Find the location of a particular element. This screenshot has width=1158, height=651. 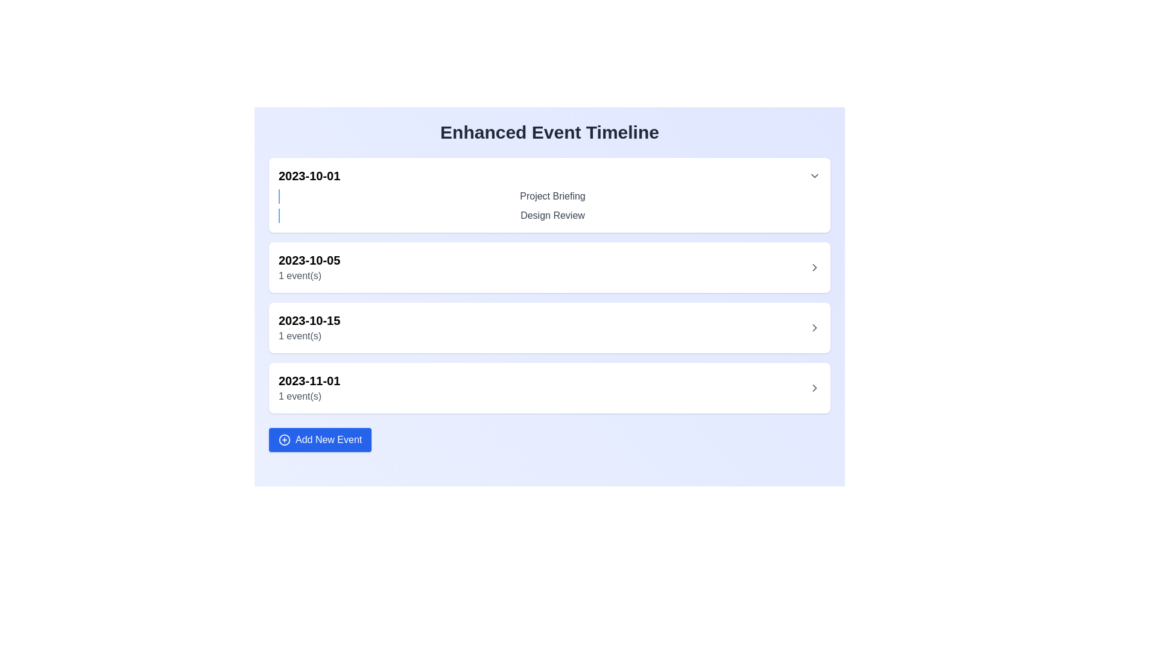

the small rightward-pointing chevron icon is located at coordinates (814, 266).